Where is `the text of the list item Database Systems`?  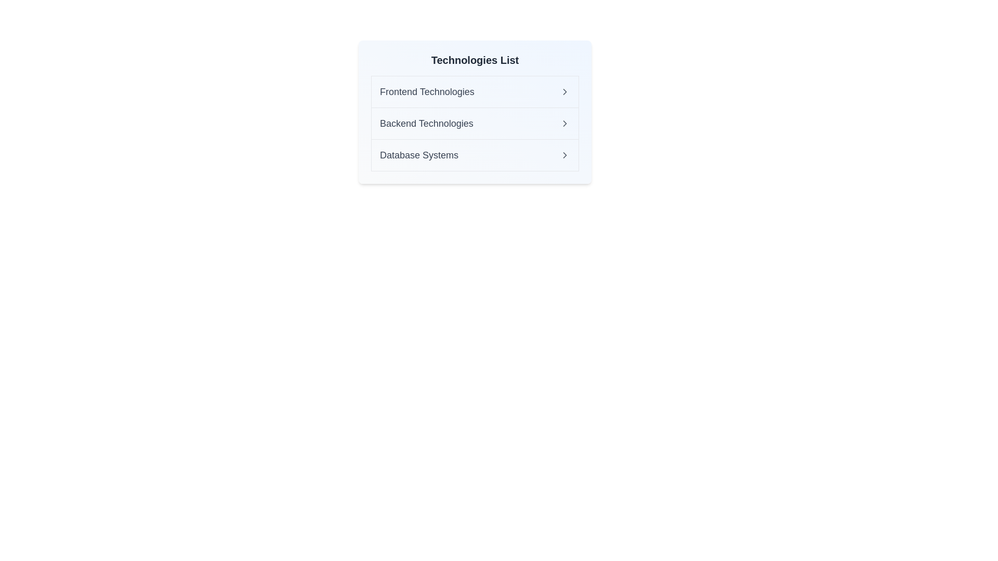
the text of the list item Database Systems is located at coordinates (426, 155).